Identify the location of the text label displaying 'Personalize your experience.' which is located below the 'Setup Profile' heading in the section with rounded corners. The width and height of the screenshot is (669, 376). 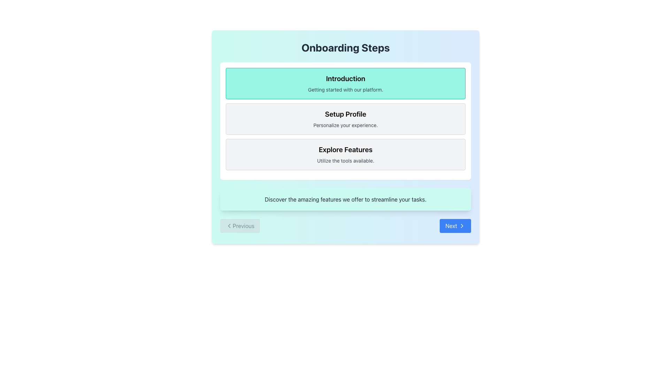
(346, 125).